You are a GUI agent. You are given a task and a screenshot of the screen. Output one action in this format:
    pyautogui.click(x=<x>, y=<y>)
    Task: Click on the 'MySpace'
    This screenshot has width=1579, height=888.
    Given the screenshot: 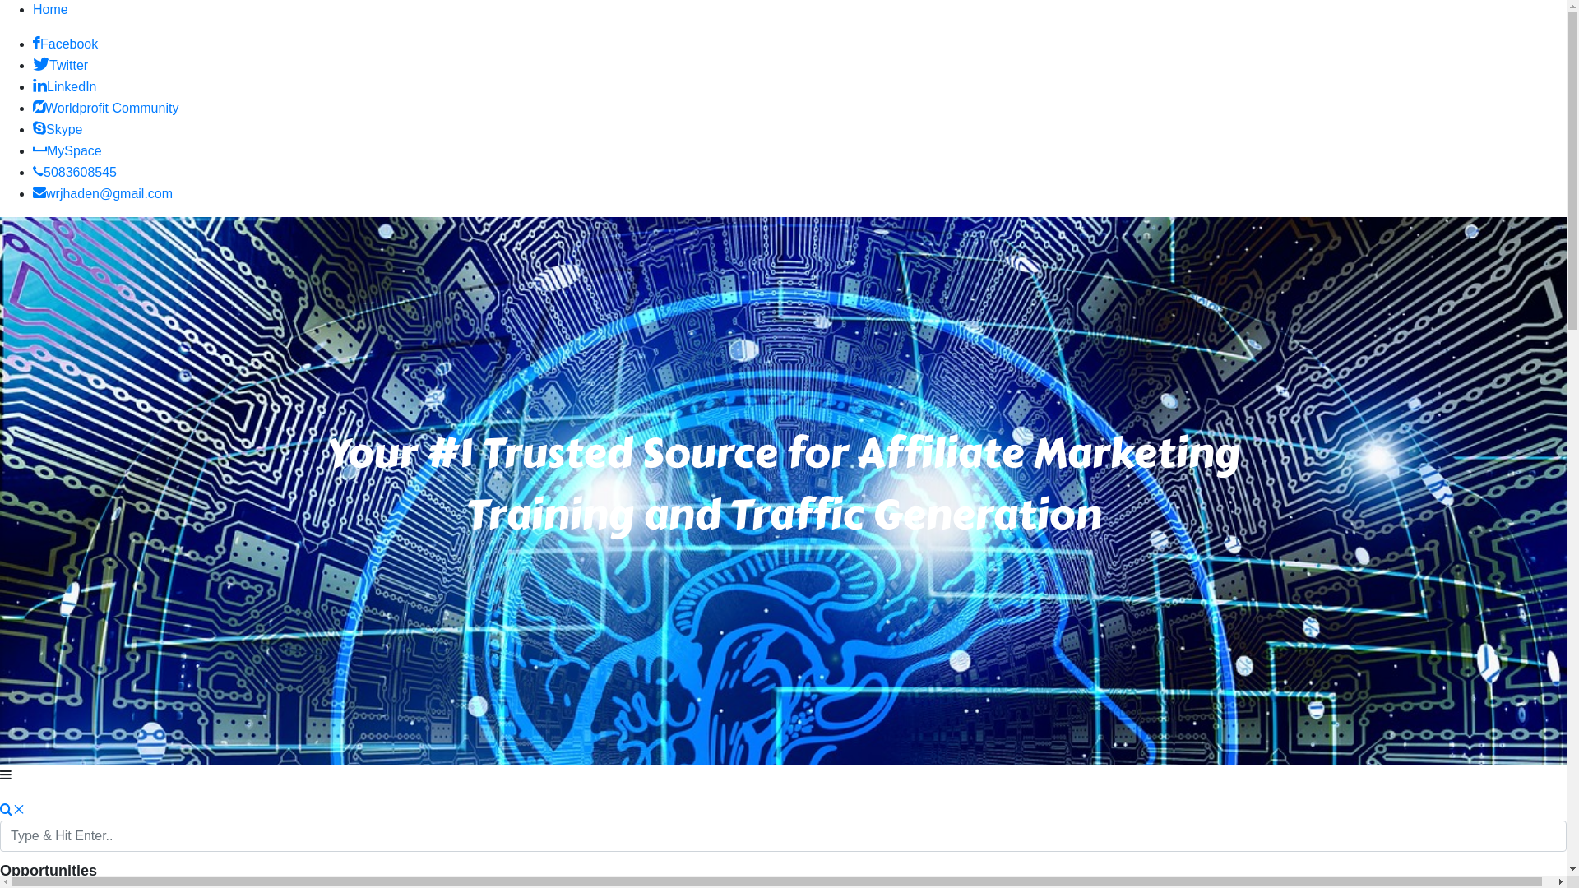 What is the action you would take?
    pyautogui.click(x=66, y=150)
    